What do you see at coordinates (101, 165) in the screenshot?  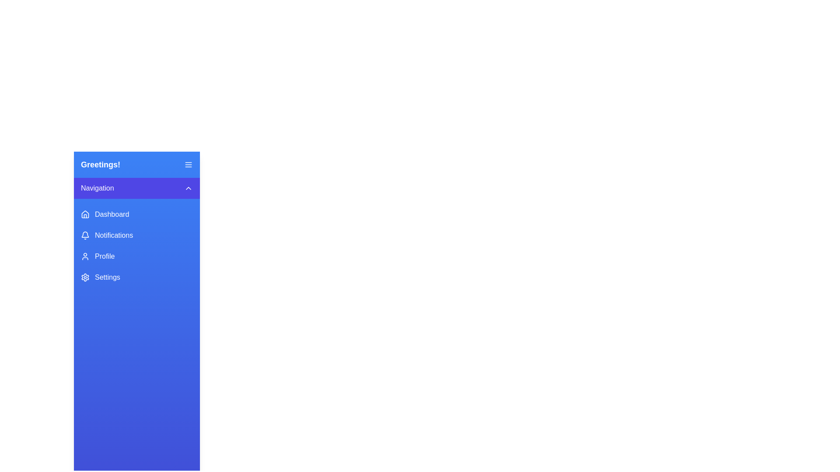 I see `greeting header text label located on the left side of the navigation panel, positioned to the left of the menu icon` at bounding box center [101, 165].